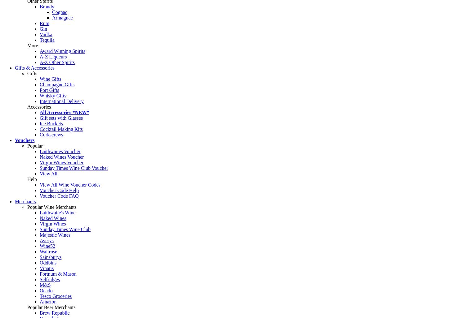 The width and height of the screenshot is (473, 318). I want to click on 'Port Gifts', so click(49, 90).